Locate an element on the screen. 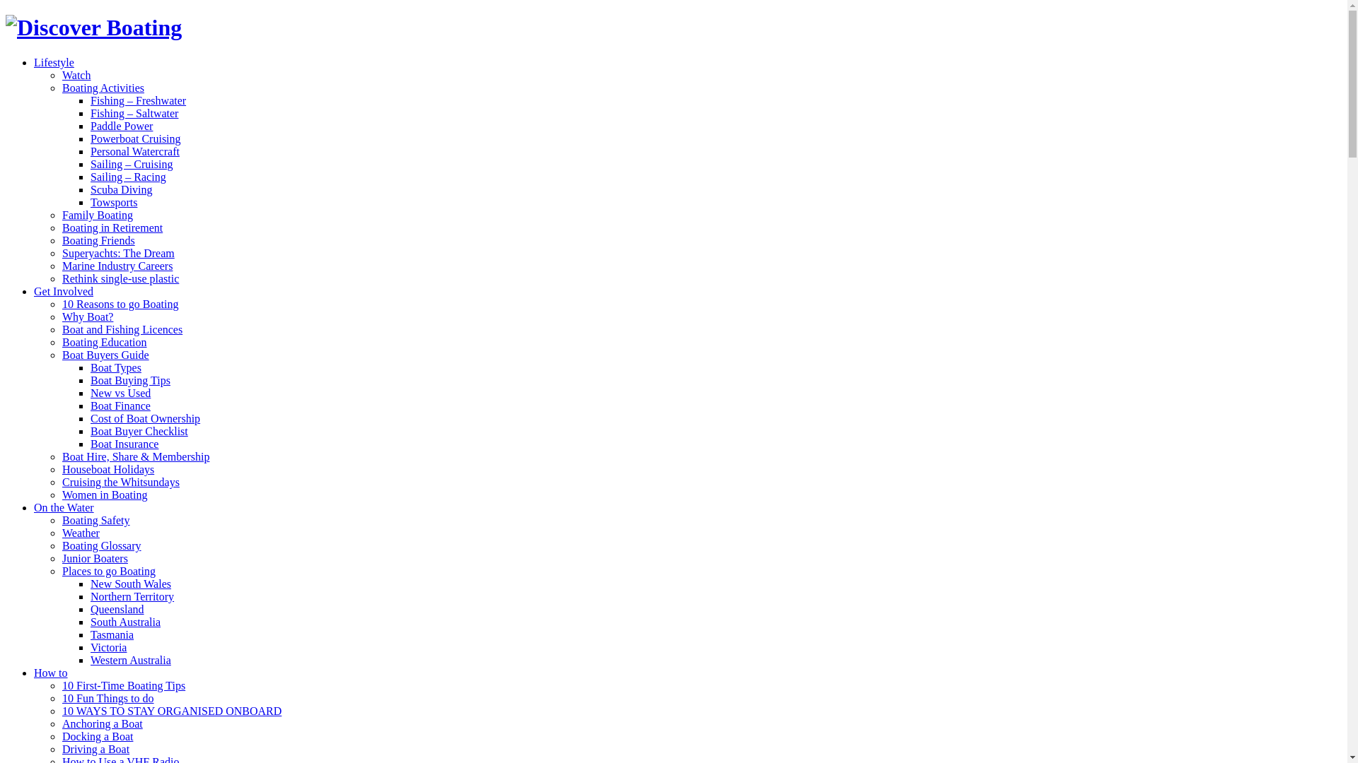 This screenshot has height=763, width=1358. 'Scuba Diving' is located at coordinates (122, 189).